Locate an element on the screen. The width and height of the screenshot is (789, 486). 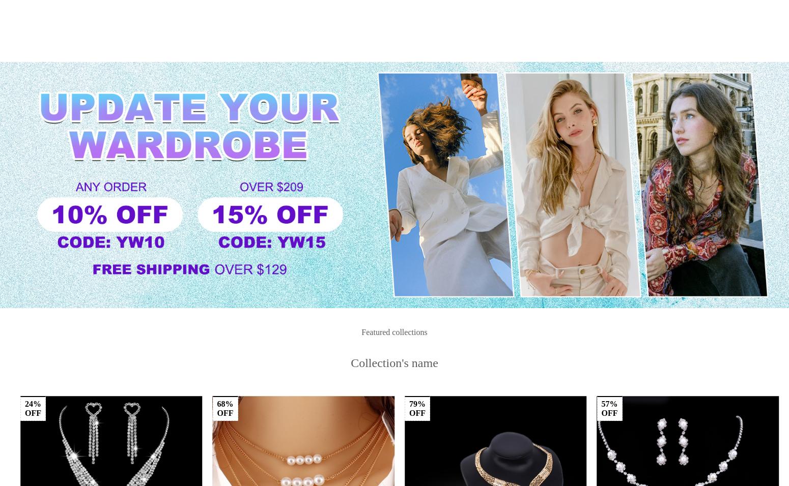
'38%' is located at coordinates (416, 188).